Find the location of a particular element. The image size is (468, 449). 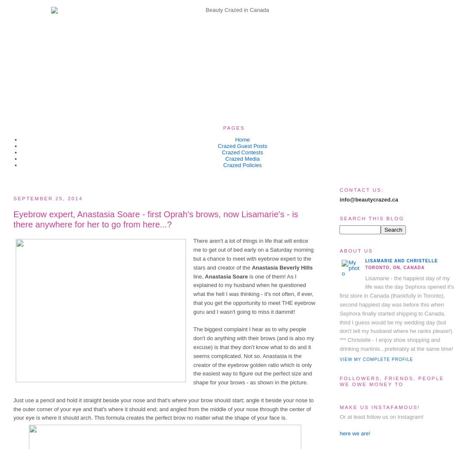

'There aren't a lot of things in life that will entice me to get out of bed early on a Saturday morning but a chance to meet with eyebrow expert to the stars and creator of the' is located at coordinates (192, 253).